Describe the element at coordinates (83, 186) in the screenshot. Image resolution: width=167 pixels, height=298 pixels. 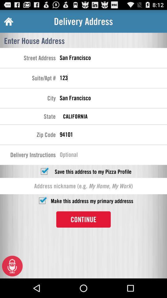
I see `address nickname` at that location.